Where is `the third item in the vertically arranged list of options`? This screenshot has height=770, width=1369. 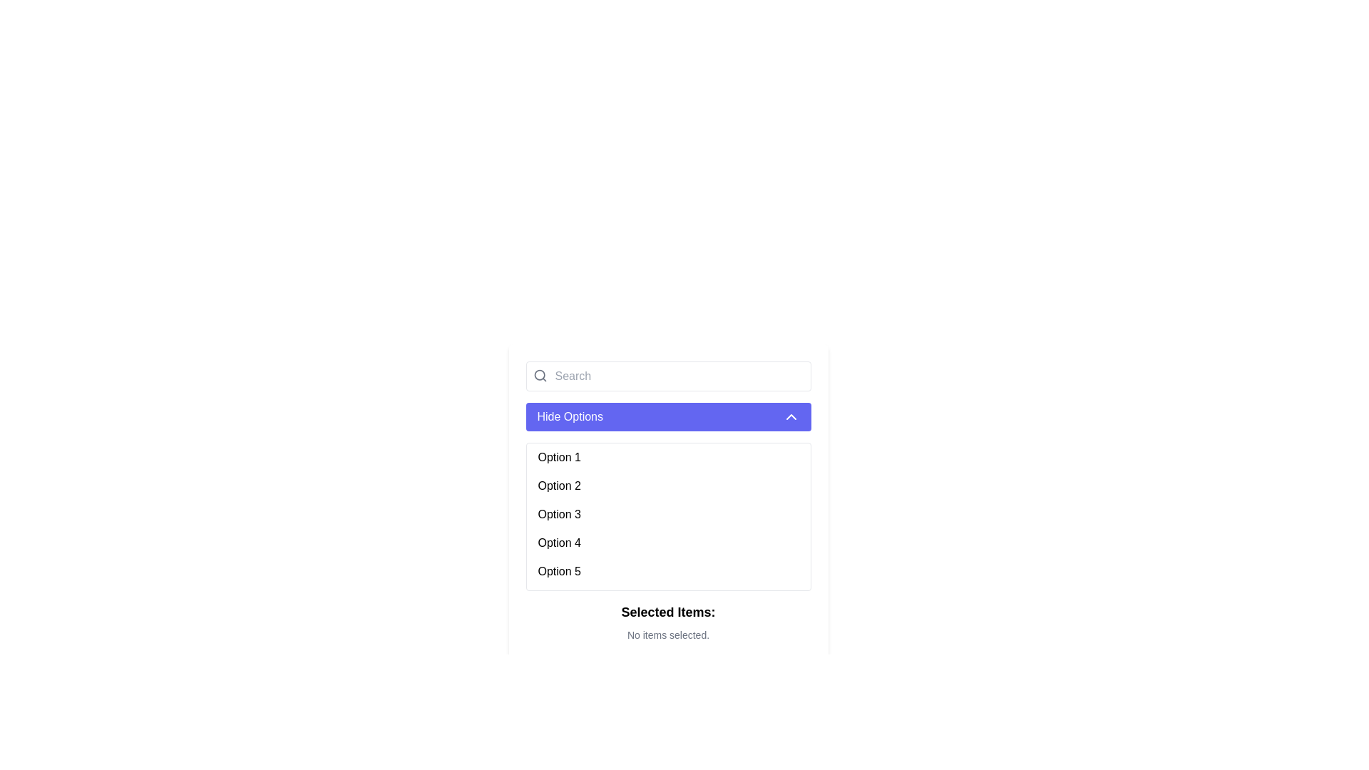
the third item in the vertically arranged list of options is located at coordinates (667, 514).